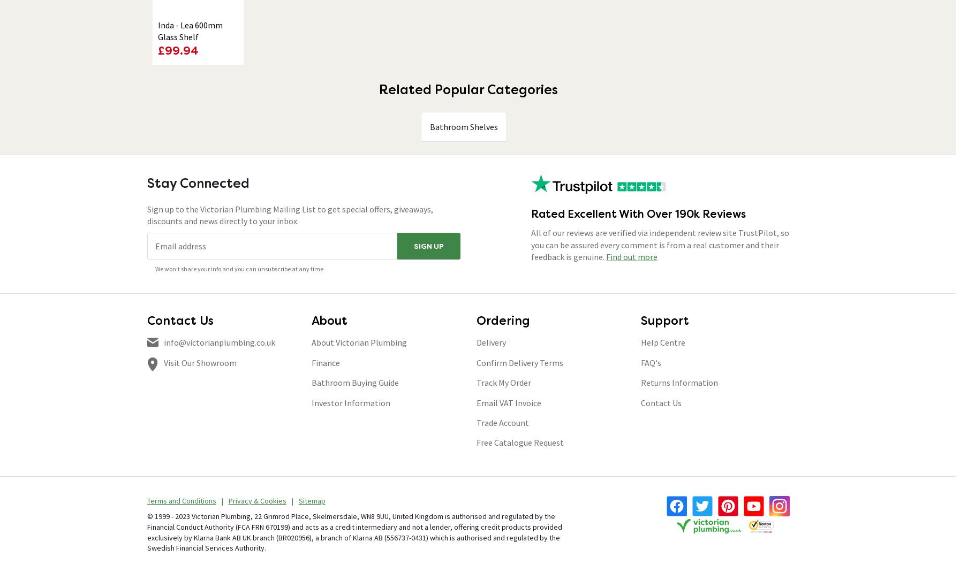 This screenshot has width=975, height=572. I want to click on 'About Victorian Plumbing', so click(359, 342).